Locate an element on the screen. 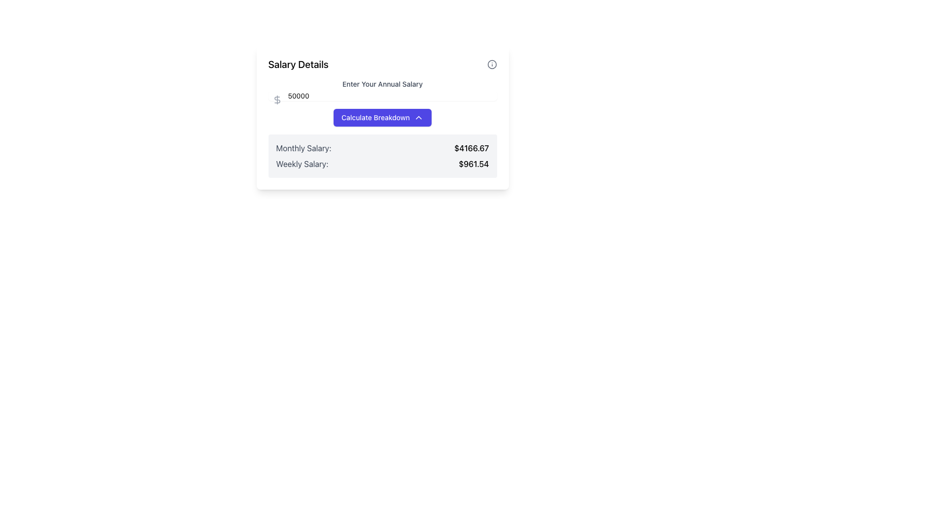 The width and height of the screenshot is (946, 532). the Static Text displaying the calculated monthly salary, which is located to the immediate right of the 'Monthly Salary:' label and near the bottom right corner of the salary calculation section is located at coordinates (471, 148).